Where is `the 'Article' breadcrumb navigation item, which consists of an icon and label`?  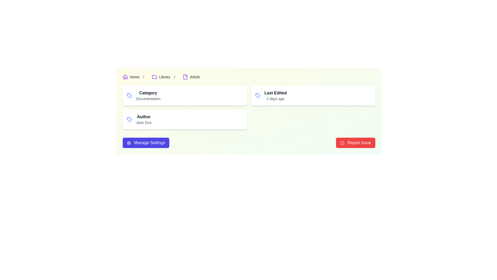 the 'Article' breadcrumb navigation item, which consists of an icon and label is located at coordinates (191, 77).